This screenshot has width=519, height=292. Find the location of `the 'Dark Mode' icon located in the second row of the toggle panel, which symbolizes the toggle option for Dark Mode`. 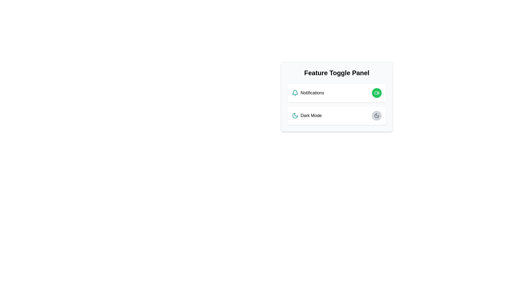

the 'Dark Mode' icon located in the second row of the toggle panel, which symbolizes the toggle option for Dark Mode is located at coordinates (376, 115).